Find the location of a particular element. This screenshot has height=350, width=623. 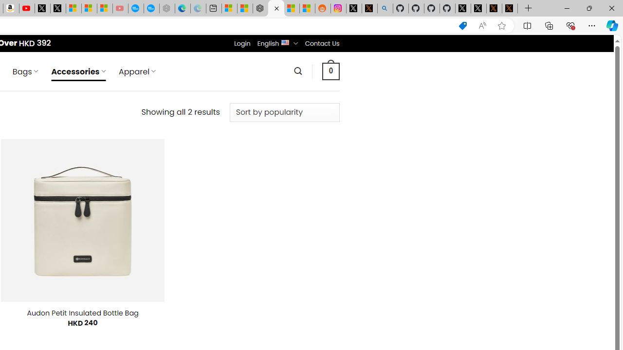

'Nordace - Best Sellers' is located at coordinates (260, 8).